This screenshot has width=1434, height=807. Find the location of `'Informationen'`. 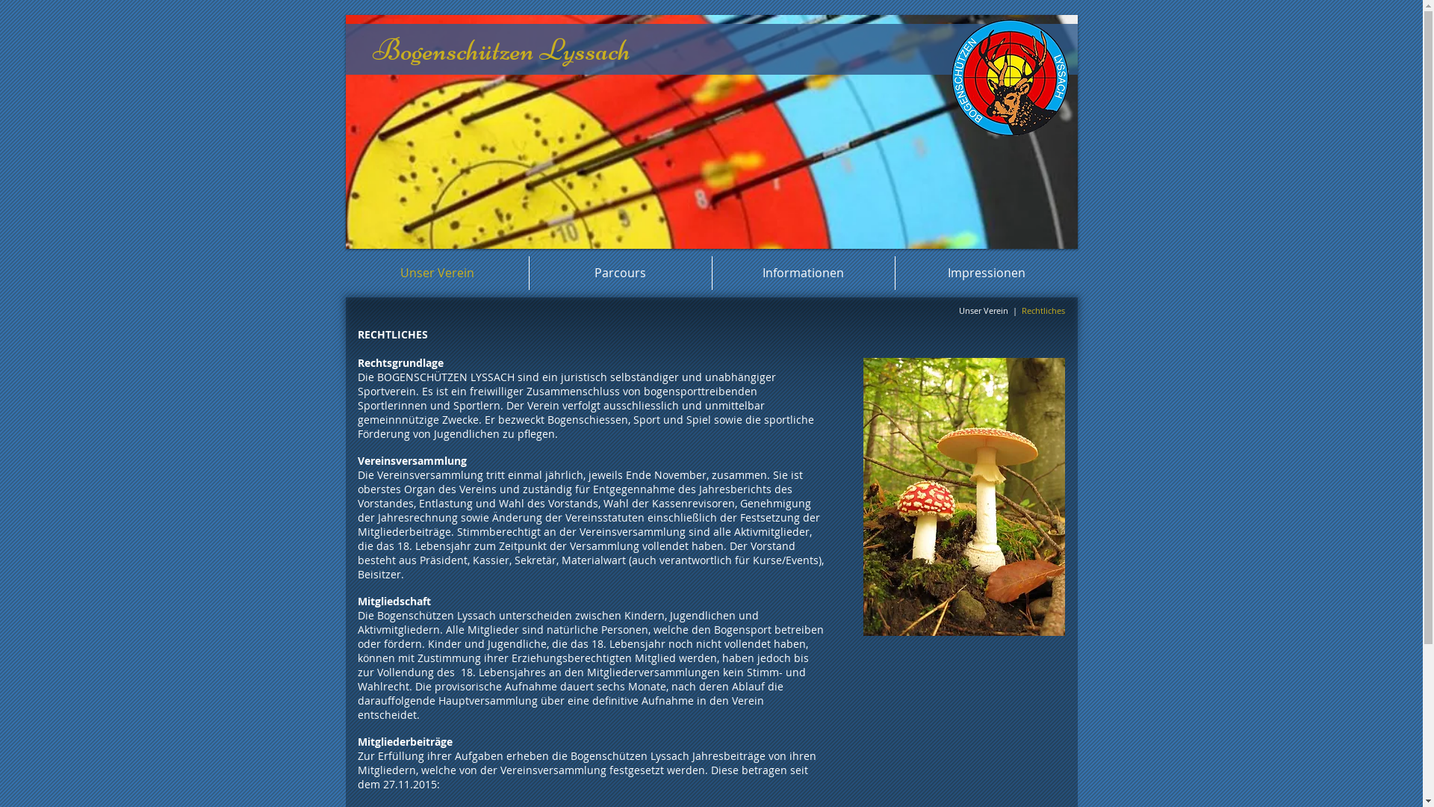

'Informationen' is located at coordinates (802, 273).